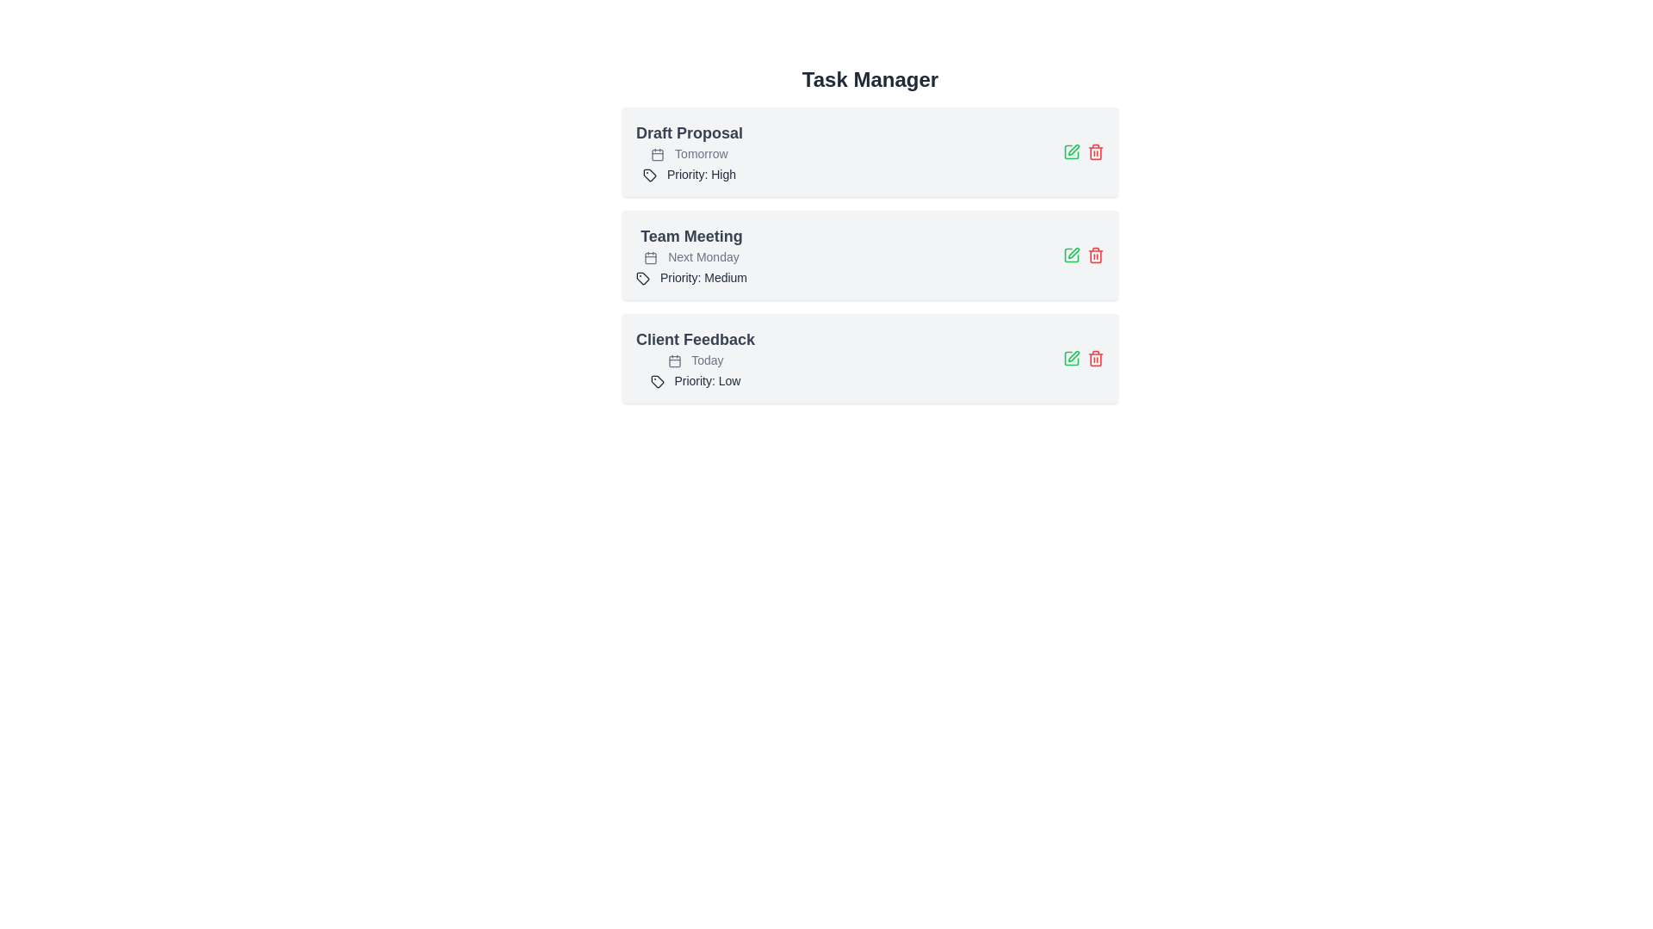 This screenshot has height=929, width=1653. Describe the element at coordinates (1094, 357) in the screenshot. I see `the red trash icon located at the far right of the third row in the task list, next to the green edit icon` at that location.